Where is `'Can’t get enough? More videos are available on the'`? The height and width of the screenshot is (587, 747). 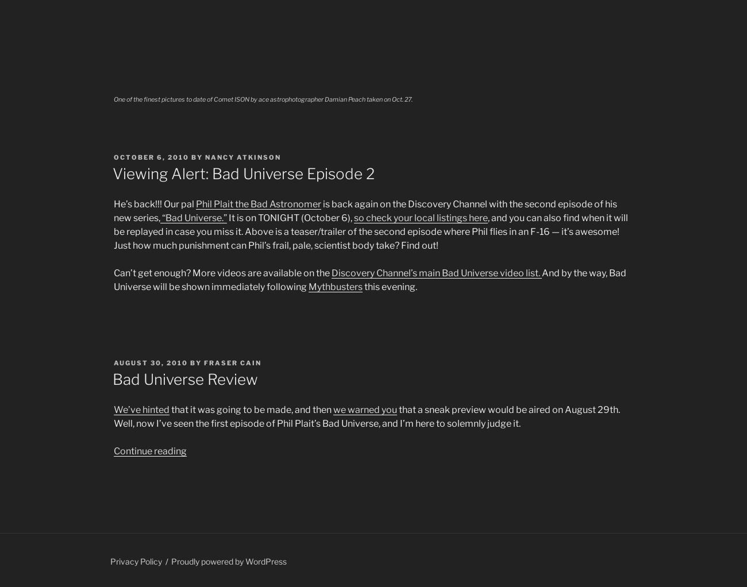
'Can’t get enough? More videos are available on the' is located at coordinates (222, 272).